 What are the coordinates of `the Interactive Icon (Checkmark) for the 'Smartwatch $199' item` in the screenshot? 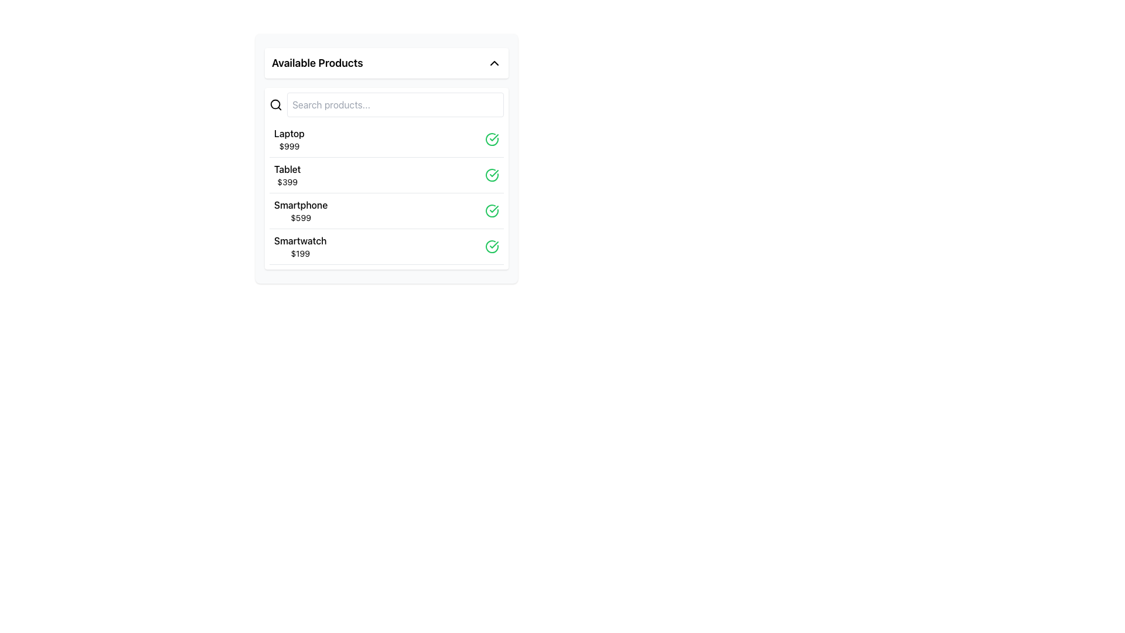 It's located at (492, 246).